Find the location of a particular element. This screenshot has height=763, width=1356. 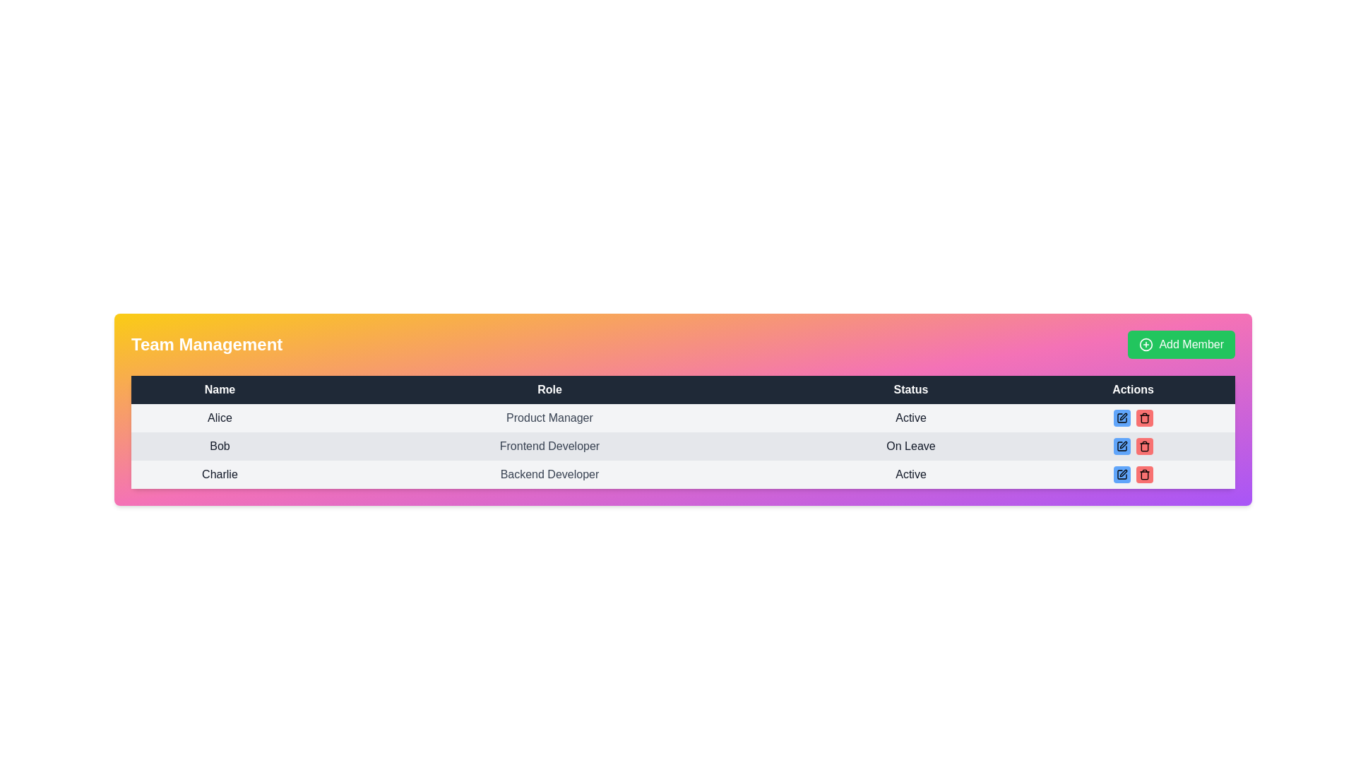

the text label indicating the current status of 'Alice' as 'Active', which is the third element in the horizontal row of the table under the 'Status' column is located at coordinates (911, 417).